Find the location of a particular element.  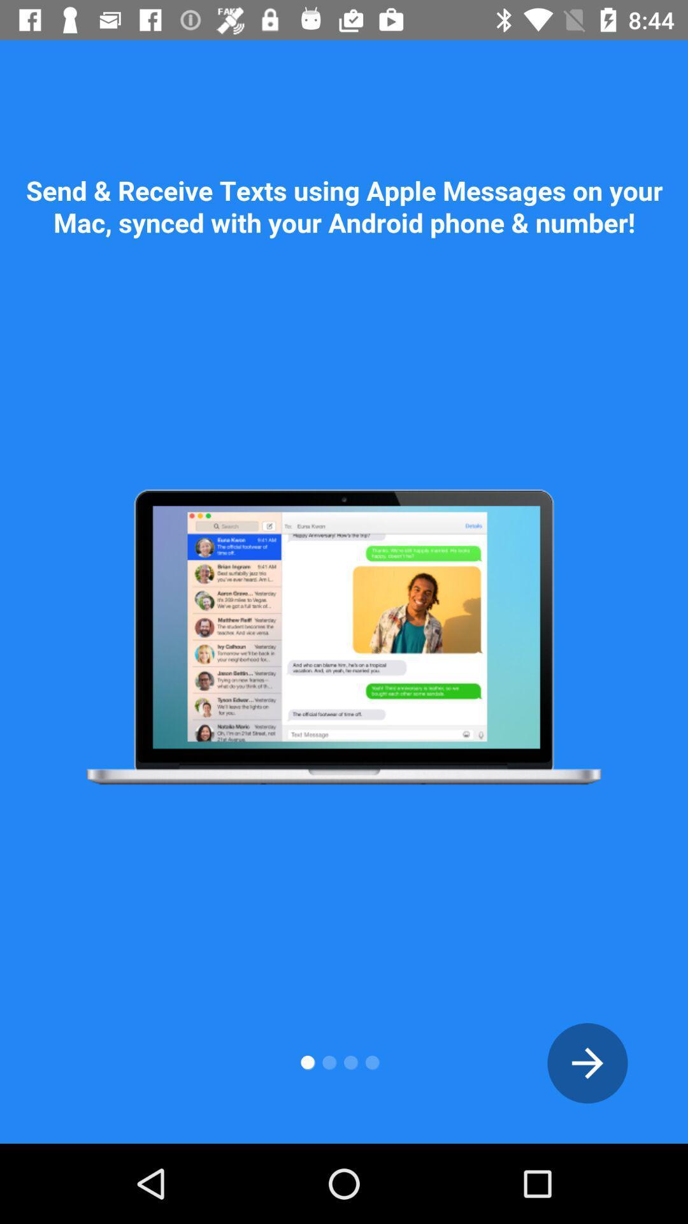

the arrow_forward icon is located at coordinates (587, 1063).